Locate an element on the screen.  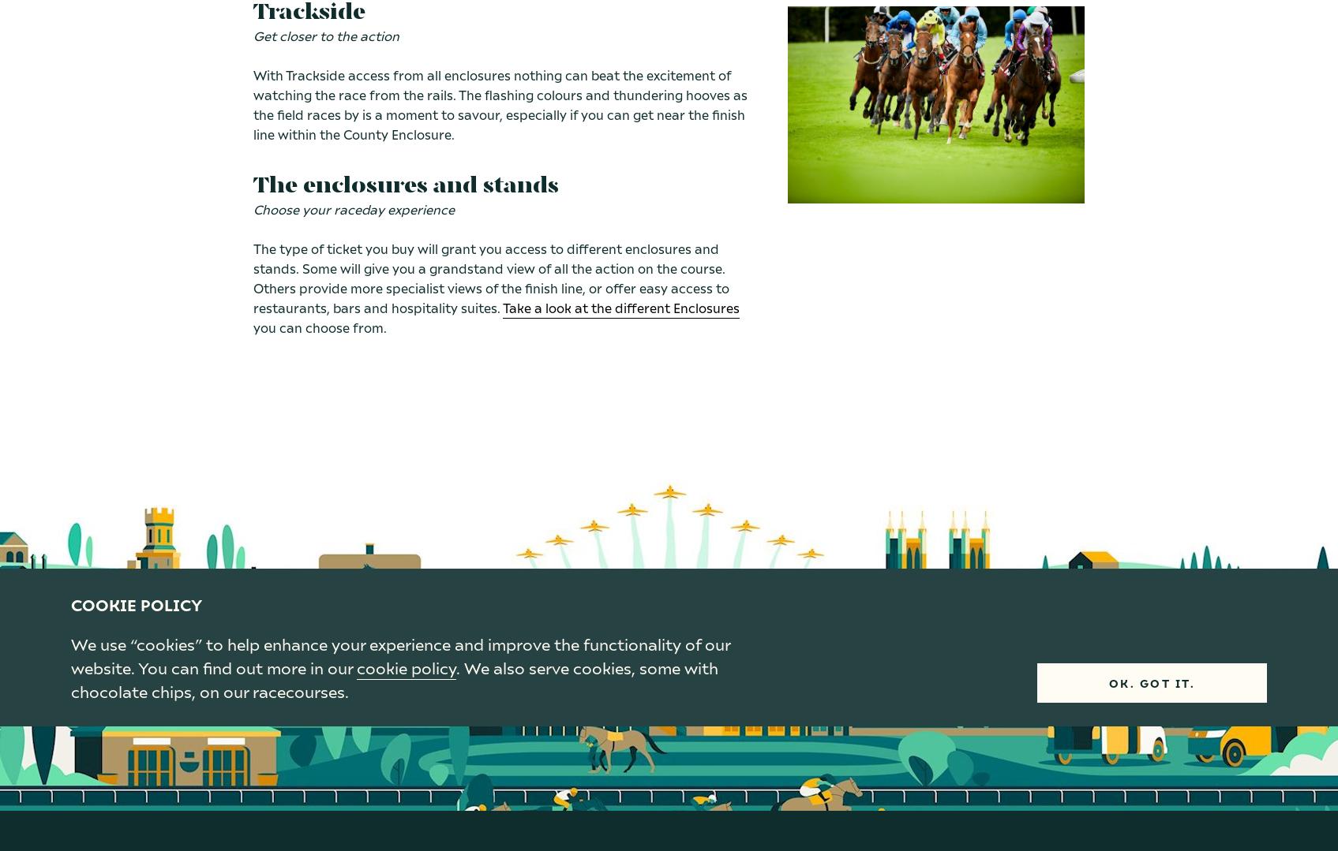
'Choose your raceday experience' is located at coordinates (253, 209).